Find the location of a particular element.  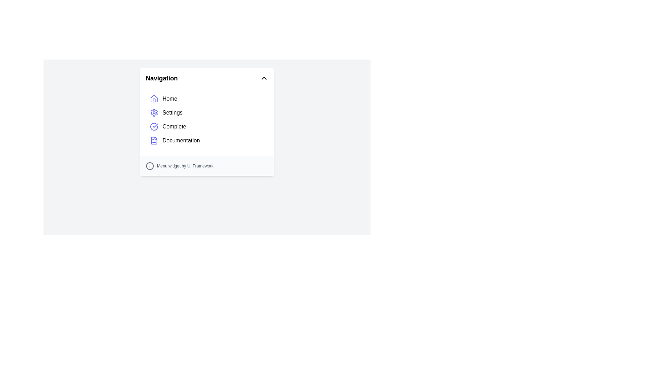

the 'Complete' text label, which is the third item in the navigation menu to the right of a circular blue icon with a checkmark is located at coordinates (174, 126).